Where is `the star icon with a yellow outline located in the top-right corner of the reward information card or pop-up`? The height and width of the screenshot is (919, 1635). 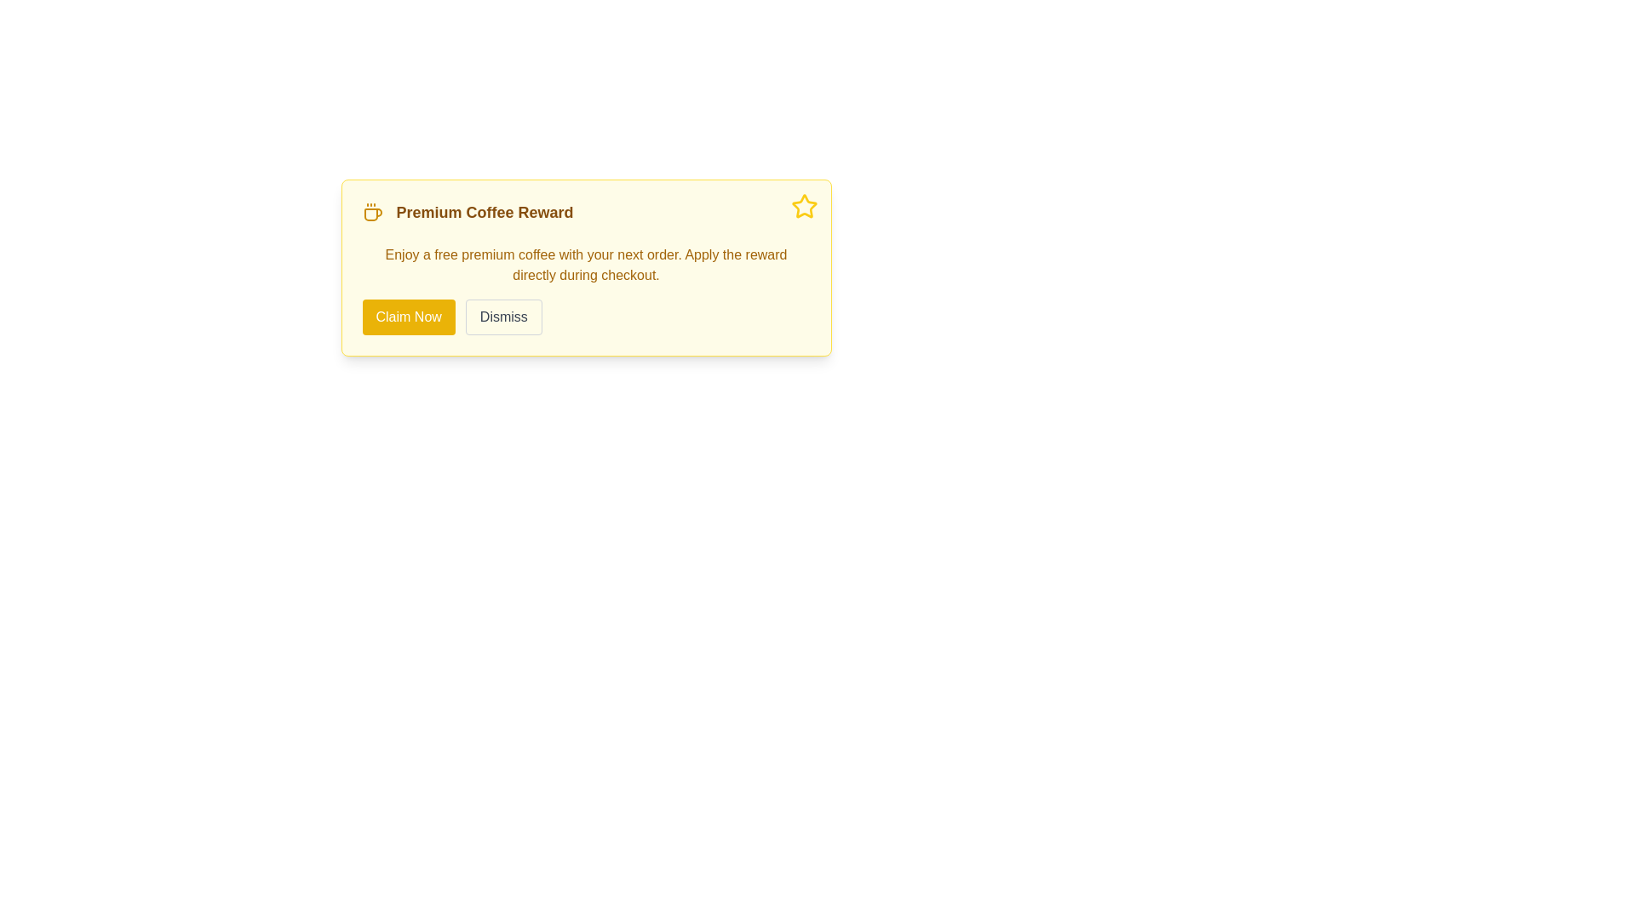 the star icon with a yellow outline located in the top-right corner of the reward information card or pop-up is located at coordinates (803, 205).